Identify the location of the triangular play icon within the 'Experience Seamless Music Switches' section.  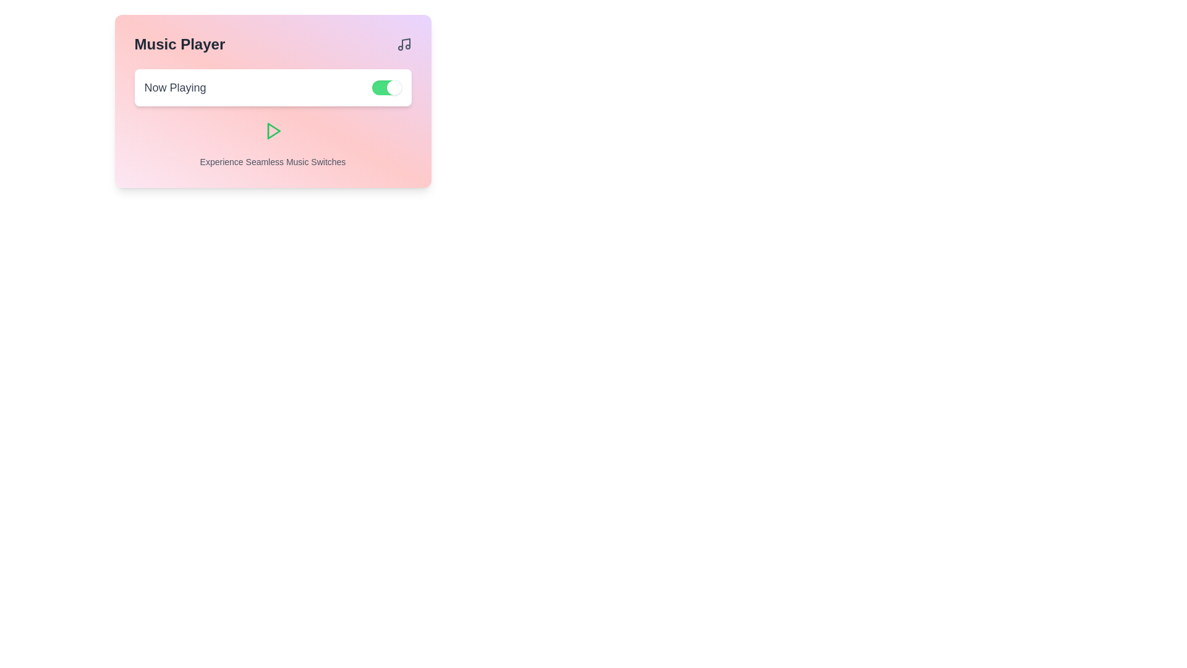
(273, 131).